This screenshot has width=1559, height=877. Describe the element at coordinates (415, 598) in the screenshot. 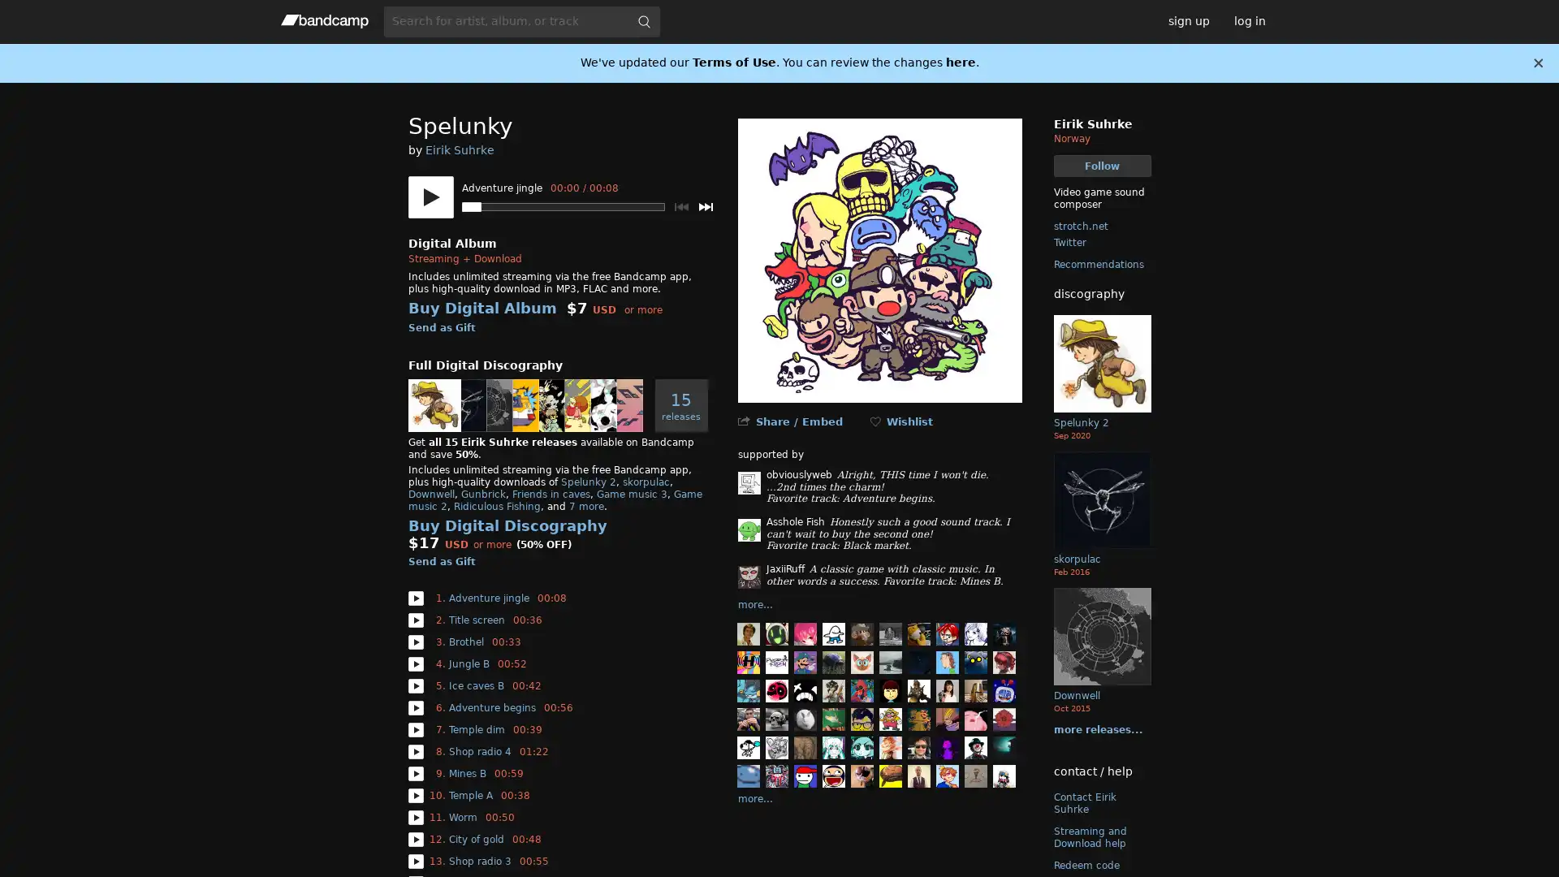

I see `Play Adventure jingle` at that location.